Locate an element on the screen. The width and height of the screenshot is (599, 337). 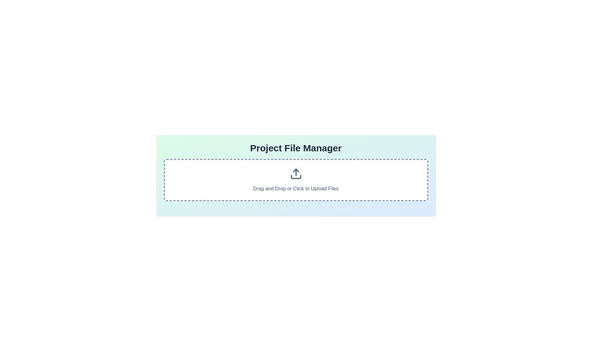
the upload icon, which is visually indicative of the file upload functionality, located above the text 'Drag and Drop or Click to Upload Files' is located at coordinates (295, 173).